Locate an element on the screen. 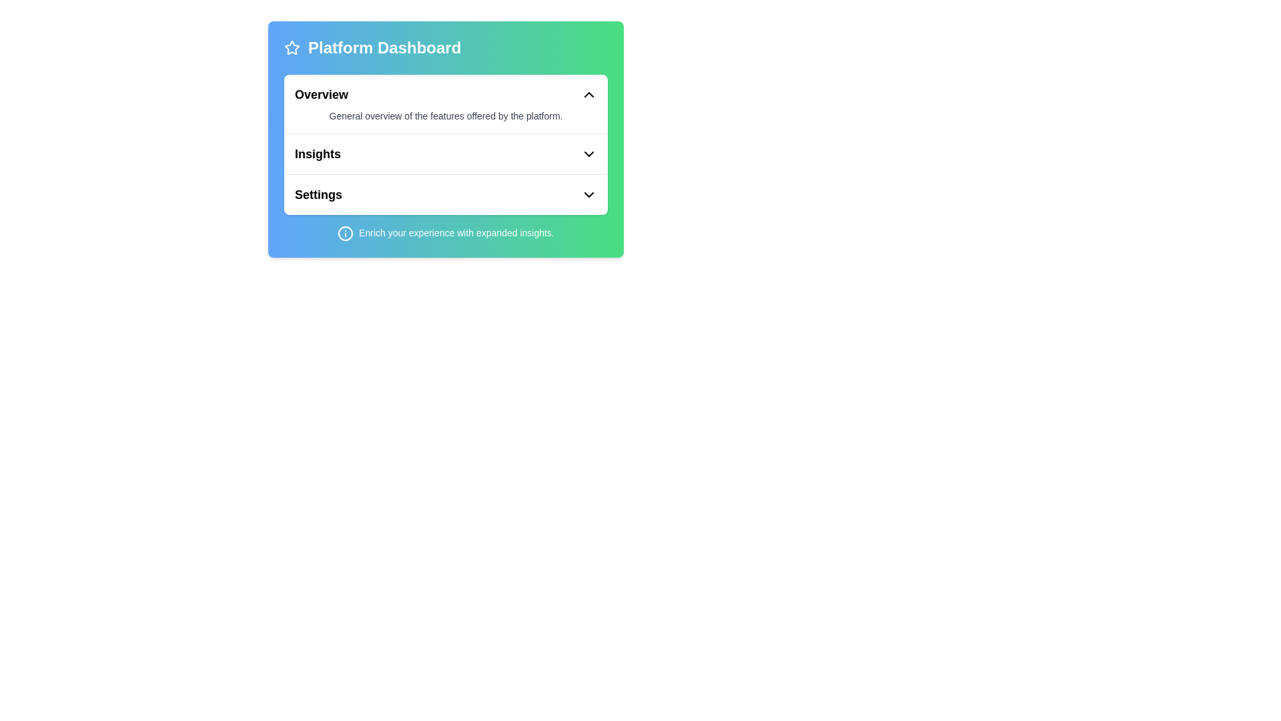  the chevron-up icon located at the far-right side of the 'Overview' section header within the green card titled 'Platform Dashboard' is located at coordinates (588, 94).